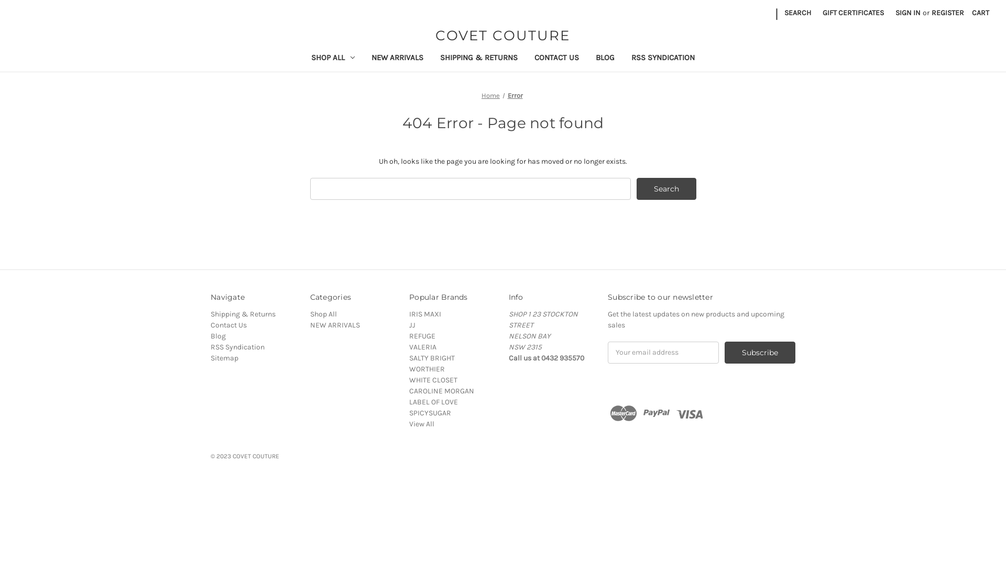 The width and height of the screenshot is (1006, 565). What do you see at coordinates (237, 347) in the screenshot?
I see `'RSS Syndication'` at bounding box center [237, 347].